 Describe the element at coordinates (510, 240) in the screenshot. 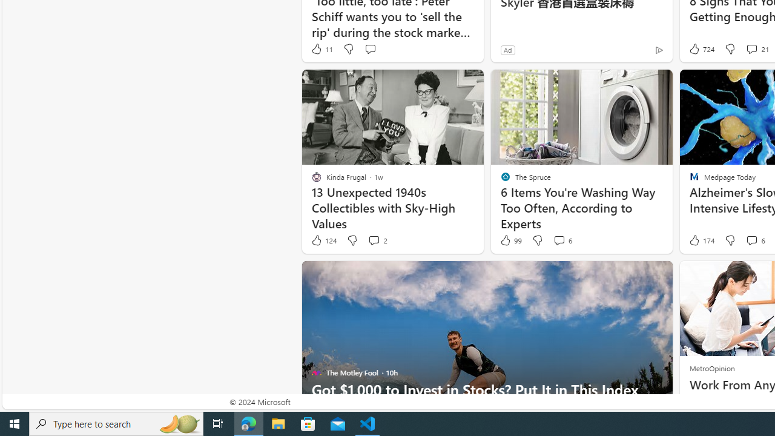

I see `'99 Like'` at that location.